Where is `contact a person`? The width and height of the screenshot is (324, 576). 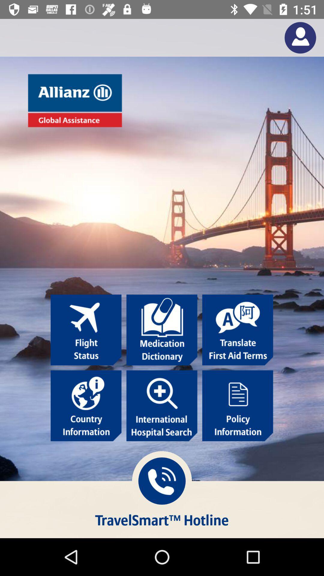
contact a person is located at coordinates (300, 37).